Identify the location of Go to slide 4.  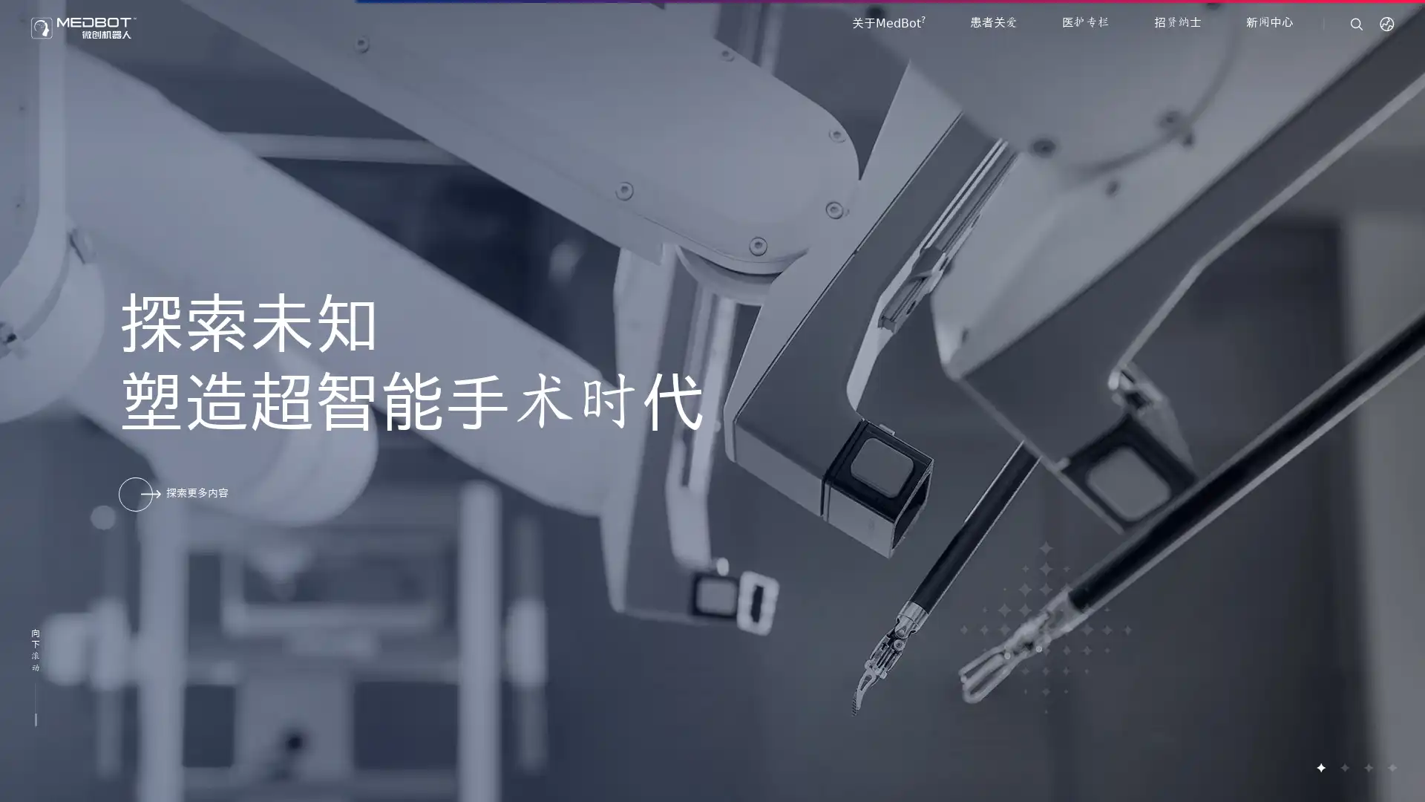
(1391, 767).